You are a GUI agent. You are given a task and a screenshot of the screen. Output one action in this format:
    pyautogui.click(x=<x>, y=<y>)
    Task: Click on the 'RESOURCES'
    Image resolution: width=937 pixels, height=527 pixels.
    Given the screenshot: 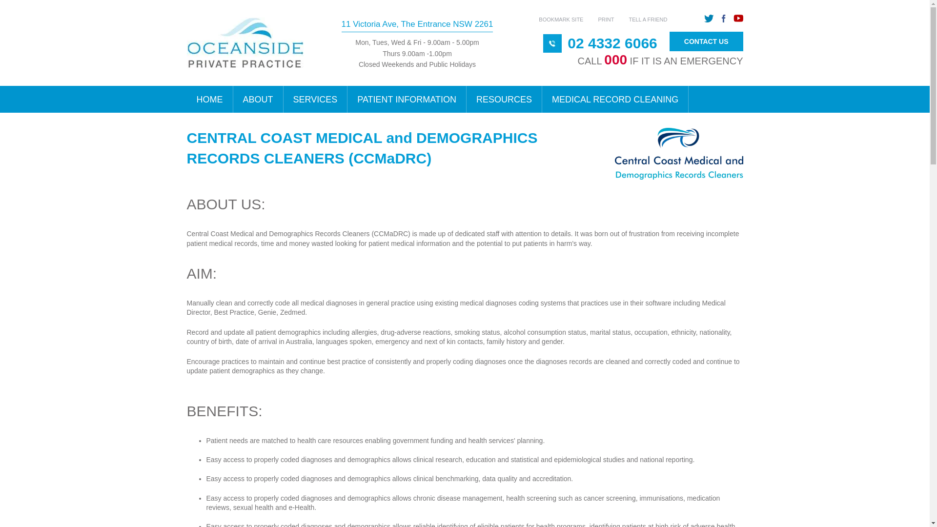 What is the action you would take?
    pyautogui.click(x=504, y=99)
    